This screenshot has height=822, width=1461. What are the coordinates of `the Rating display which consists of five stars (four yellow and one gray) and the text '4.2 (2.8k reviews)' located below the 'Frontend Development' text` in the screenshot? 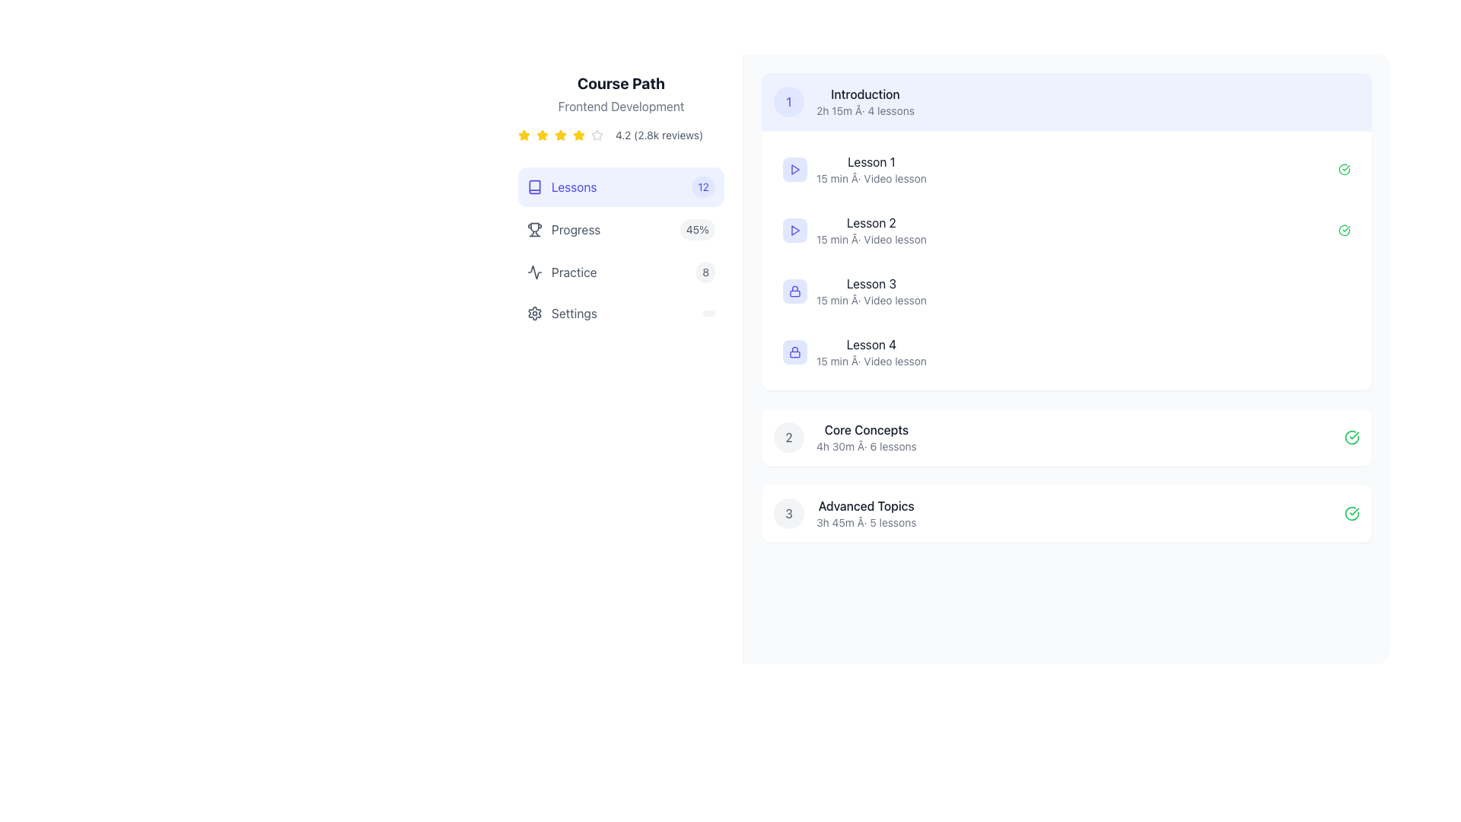 It's located at (621, 134).